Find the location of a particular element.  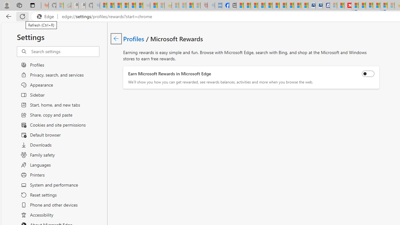

'Edge' is located at coordinates (47, 16).